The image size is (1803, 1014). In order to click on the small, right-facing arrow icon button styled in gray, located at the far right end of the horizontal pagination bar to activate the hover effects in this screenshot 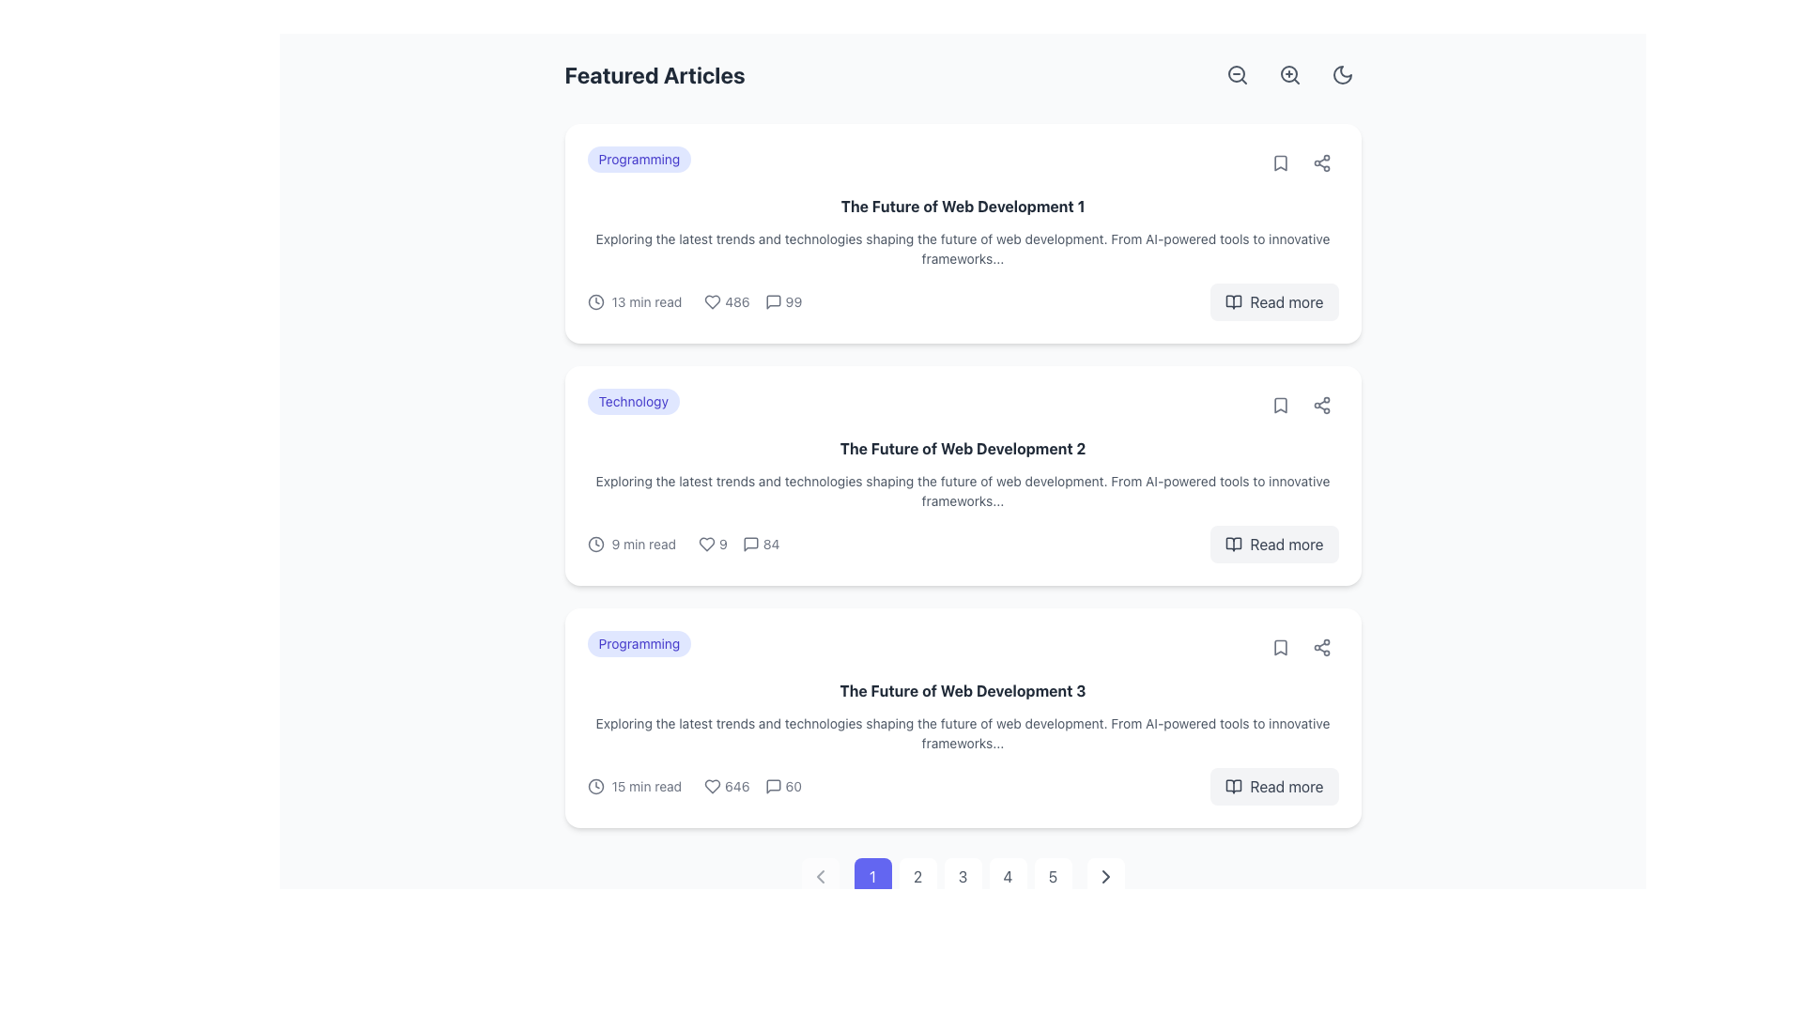, I will do `click(1105, 876)`.